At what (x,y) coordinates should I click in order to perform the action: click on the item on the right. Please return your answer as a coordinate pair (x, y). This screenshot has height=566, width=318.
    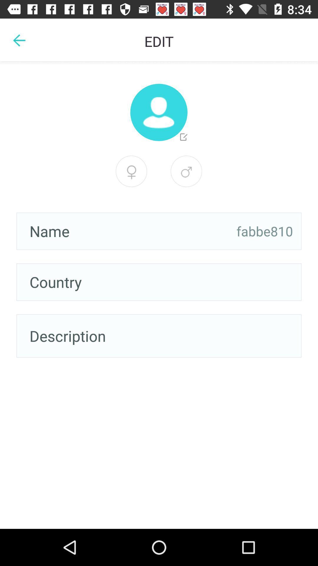
    Looking at the image, I should click on (264, 231).